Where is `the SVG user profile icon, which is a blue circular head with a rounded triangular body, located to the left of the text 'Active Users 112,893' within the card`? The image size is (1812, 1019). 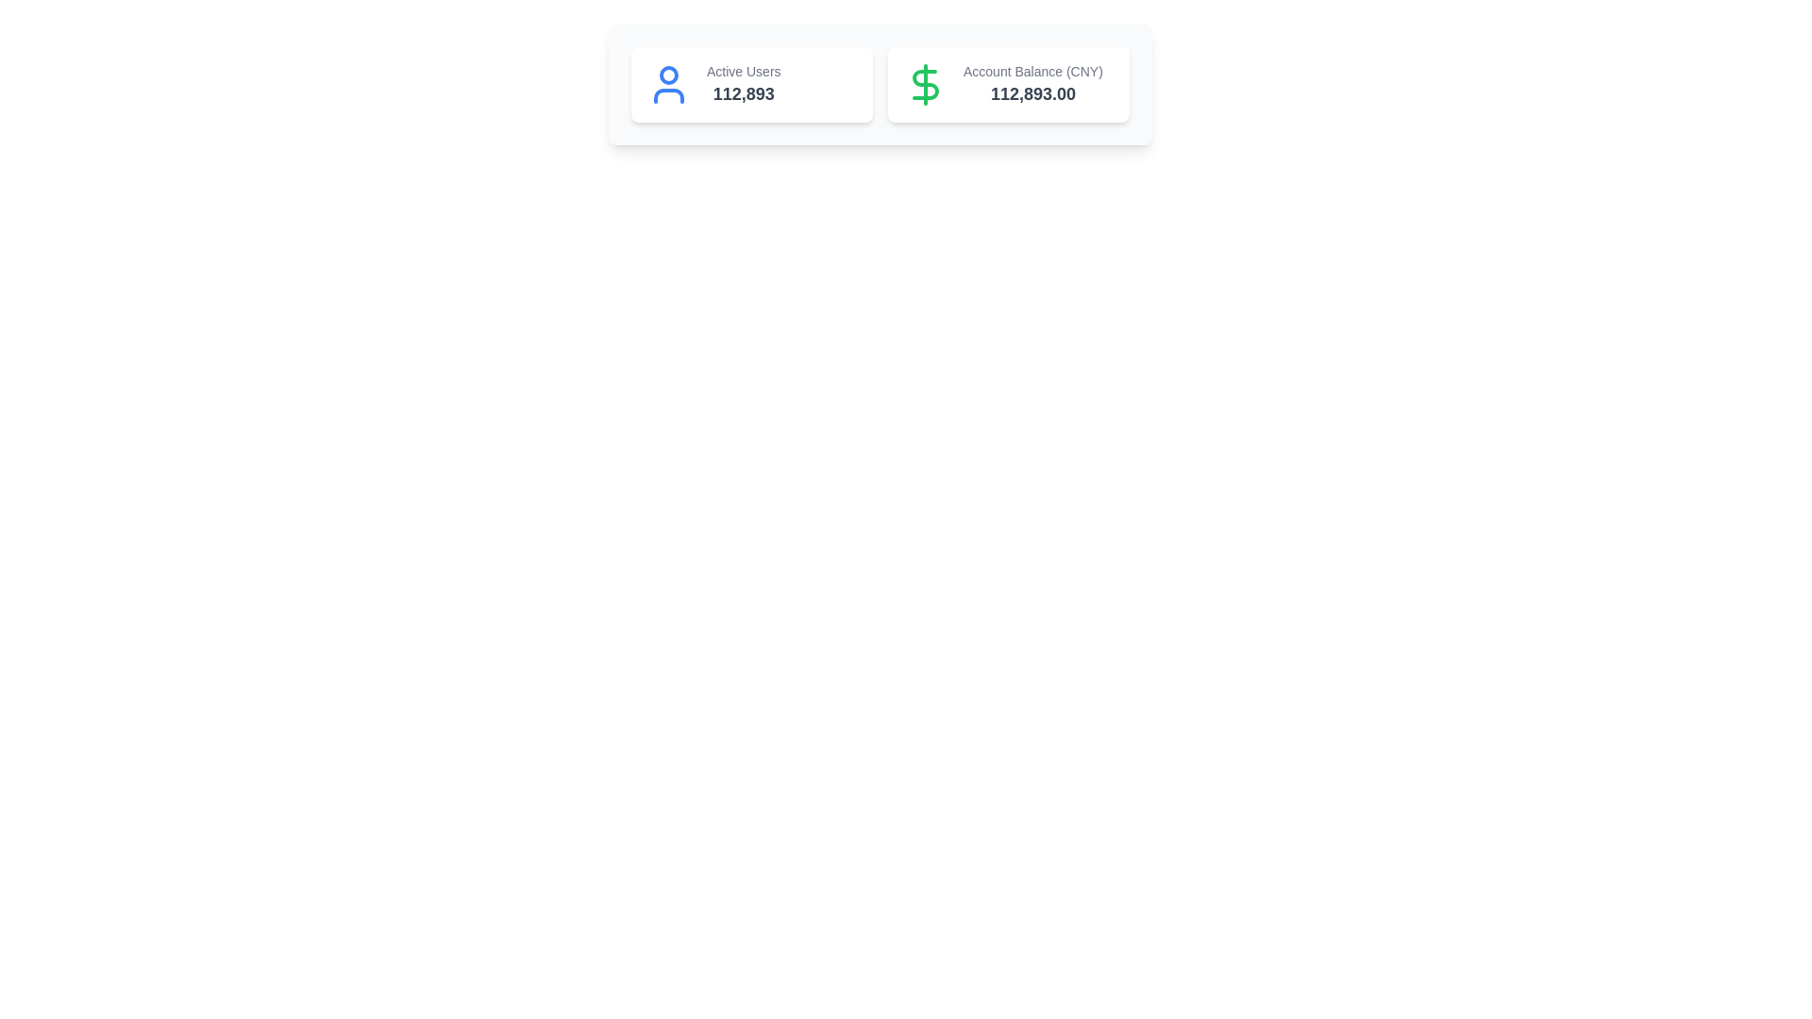 the SVG user profile icon, which is a blue circular head with a rounded triangular body, located to the left of the text 'Active Users 112,893' within the card is located at coordinates (669, 83).